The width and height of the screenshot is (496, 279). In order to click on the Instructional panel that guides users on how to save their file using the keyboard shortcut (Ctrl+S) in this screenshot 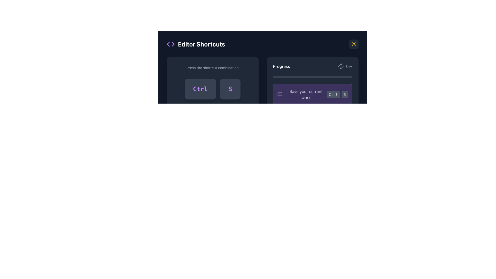, I will do `click(212, 115)`.